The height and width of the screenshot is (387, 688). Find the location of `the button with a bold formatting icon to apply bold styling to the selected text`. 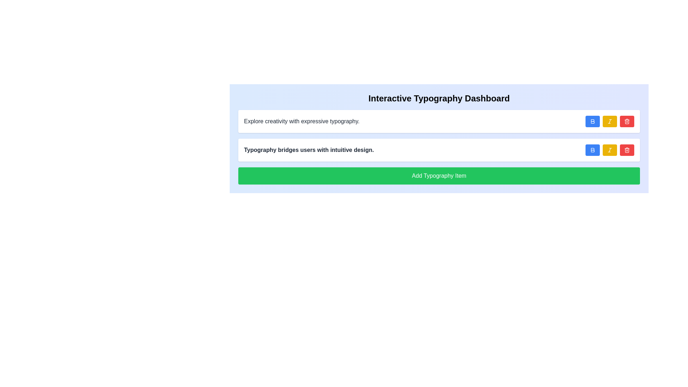

the button with a bold formatting icon to apply bold styling to the selected text is located at coordinates (593, 150).